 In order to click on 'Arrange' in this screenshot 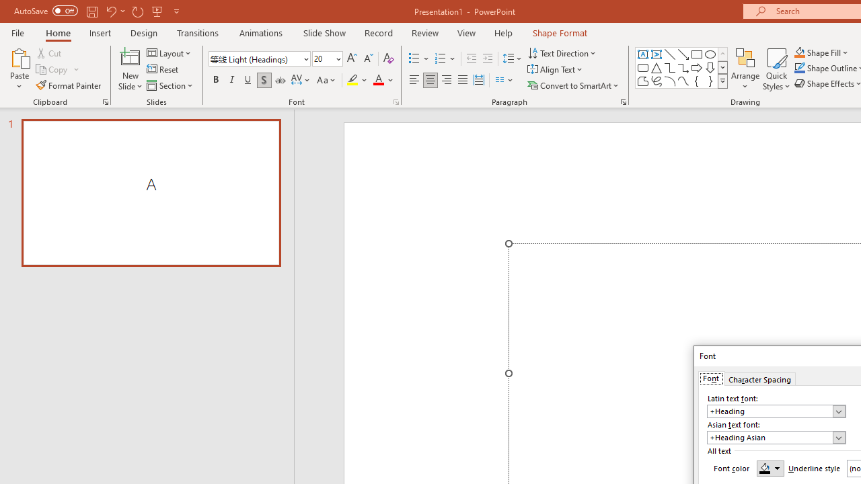, I will do `click(745, 69)`.